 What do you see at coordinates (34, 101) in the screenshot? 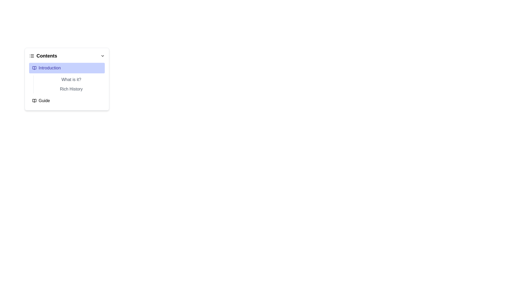
I see `the decorative icon located to the immediate left of the 'Guide' text in the 'Contents' section` at bounding box center [34, 101].